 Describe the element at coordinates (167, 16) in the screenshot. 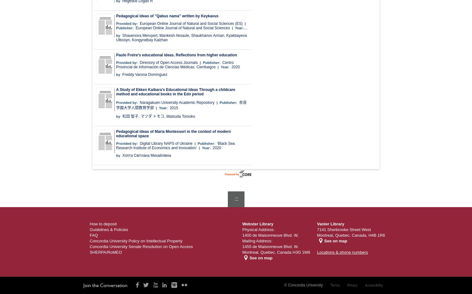

I see `'Pedagogical ideas of "Qabus nama" written by Keykavus'` at that location.